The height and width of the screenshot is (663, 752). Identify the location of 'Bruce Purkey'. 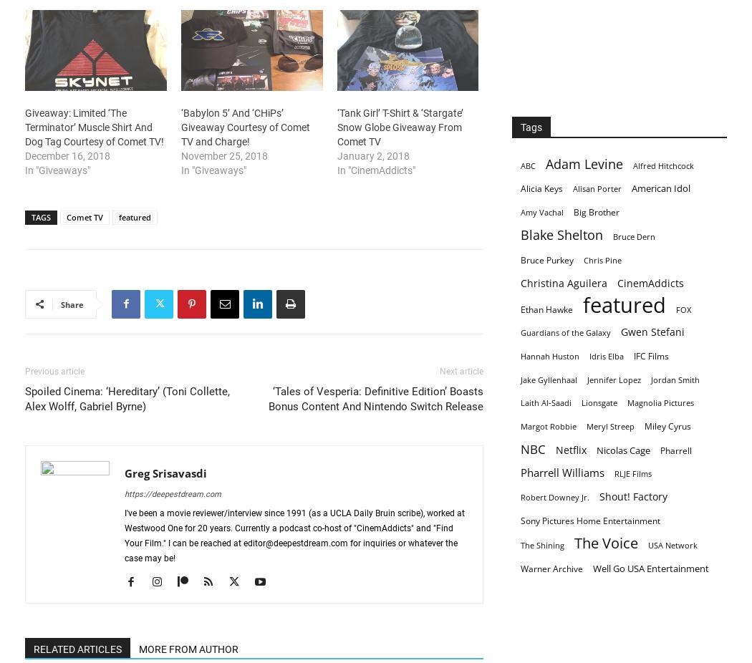
(520, 259).